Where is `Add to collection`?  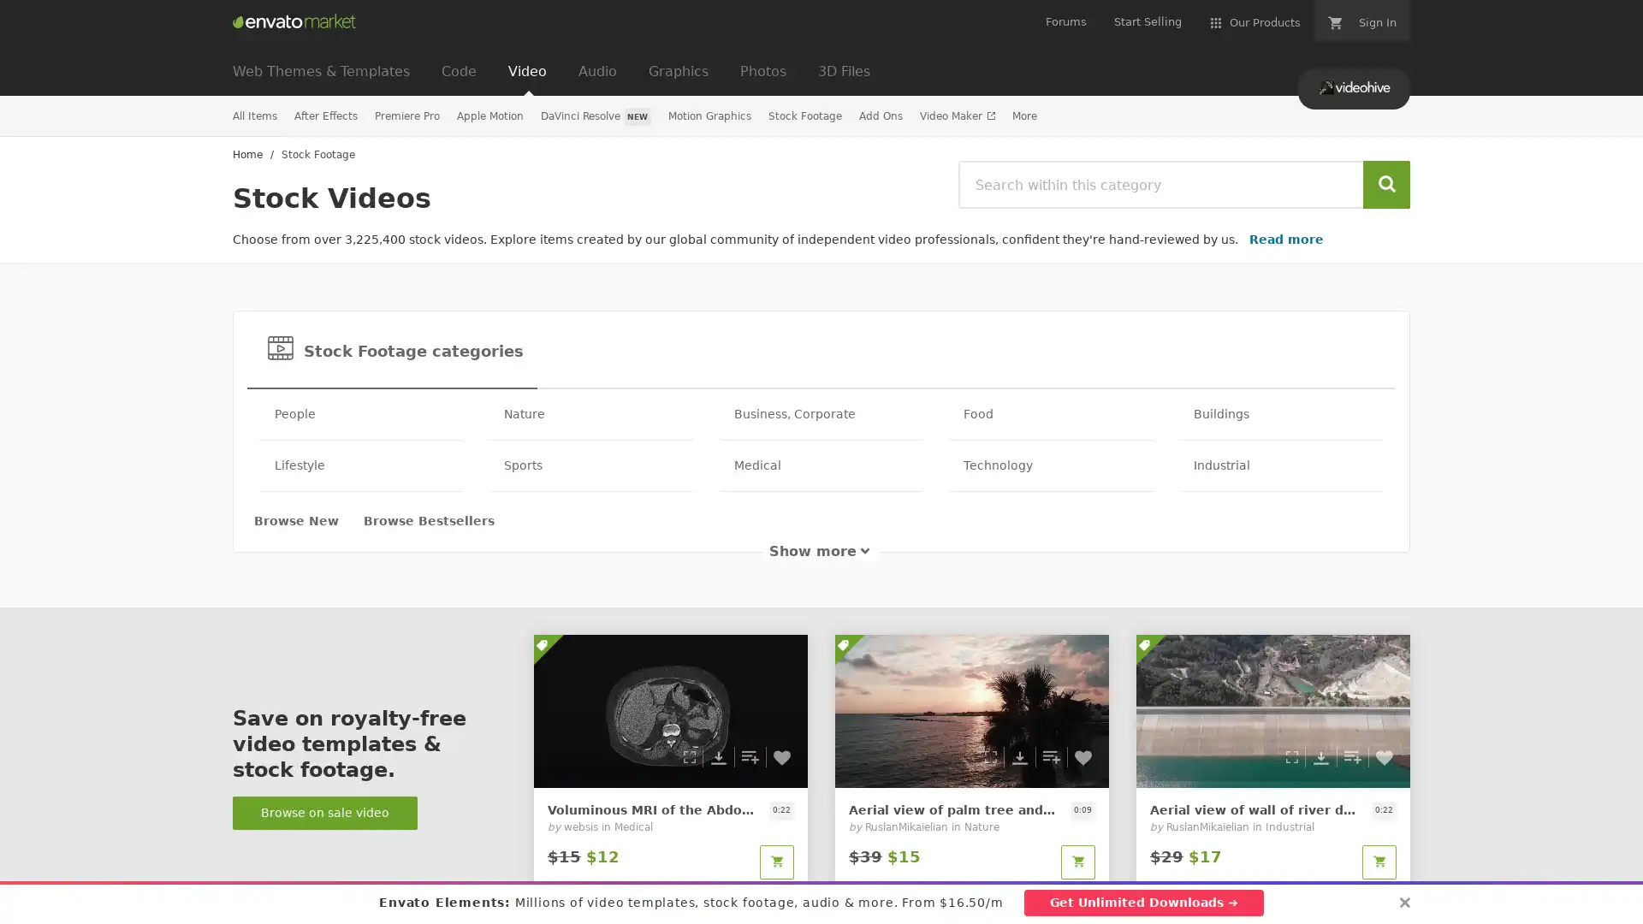 Add to collection is located at coordinates (1050, 755).